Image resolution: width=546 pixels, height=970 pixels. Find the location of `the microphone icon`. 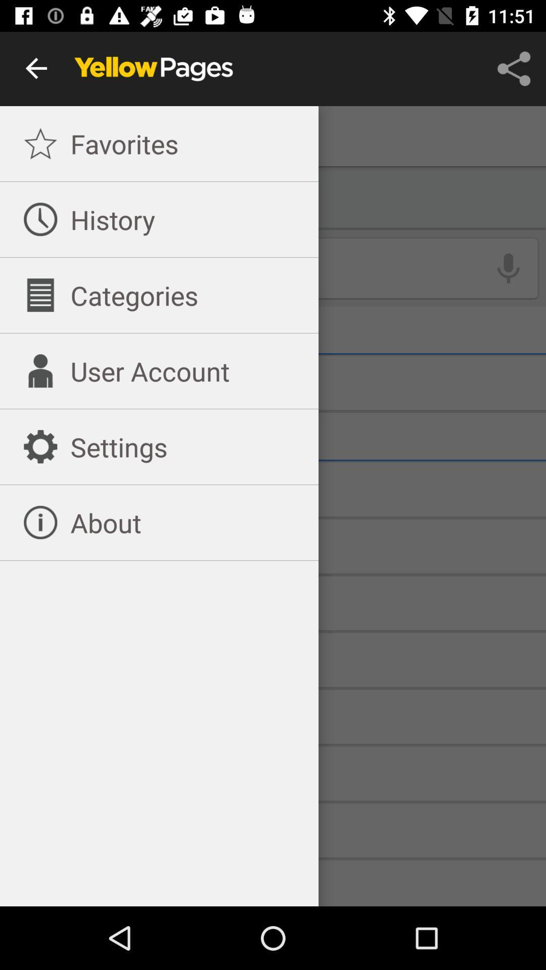

the microphone icon is located at coordinates (508, 268).